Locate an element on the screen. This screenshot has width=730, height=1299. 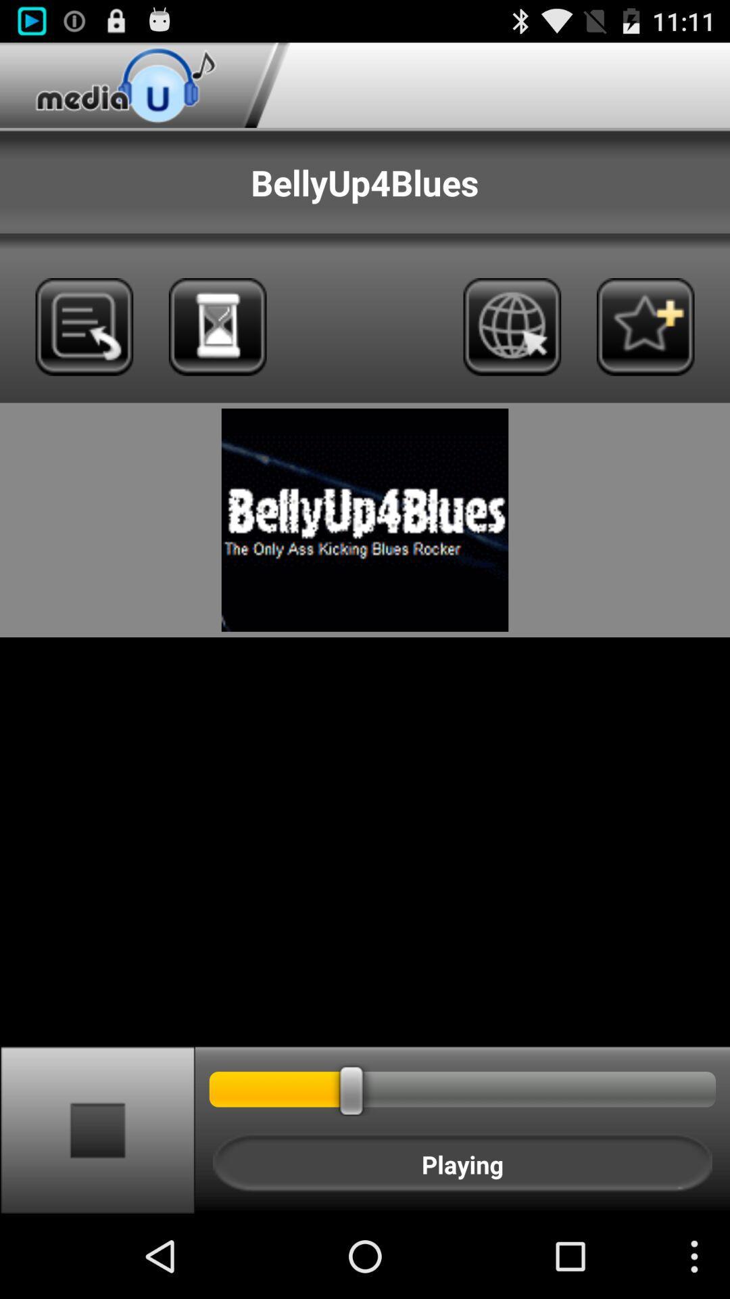
song is located at coordinates (645, 327).